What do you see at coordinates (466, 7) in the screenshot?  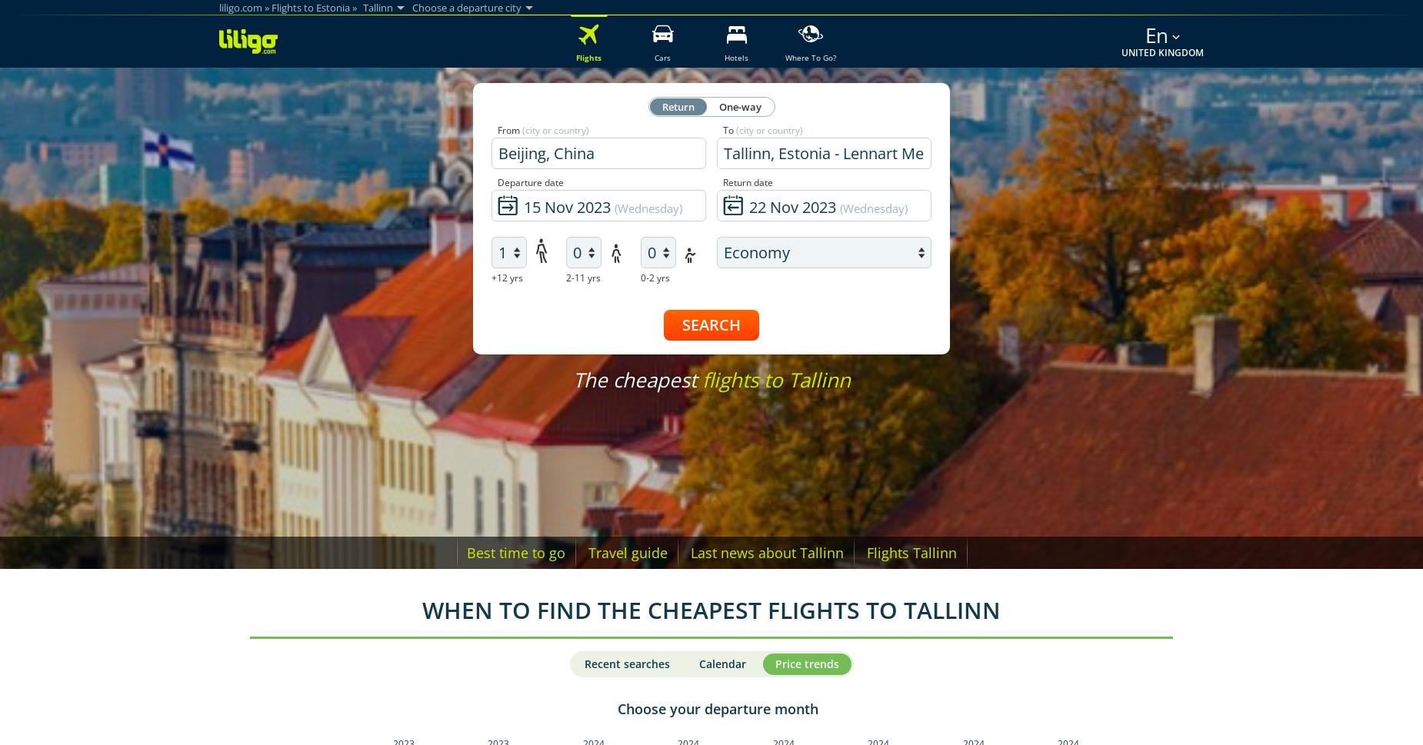 I see `'Choose a departure city'` at bounding box center [466, 7].